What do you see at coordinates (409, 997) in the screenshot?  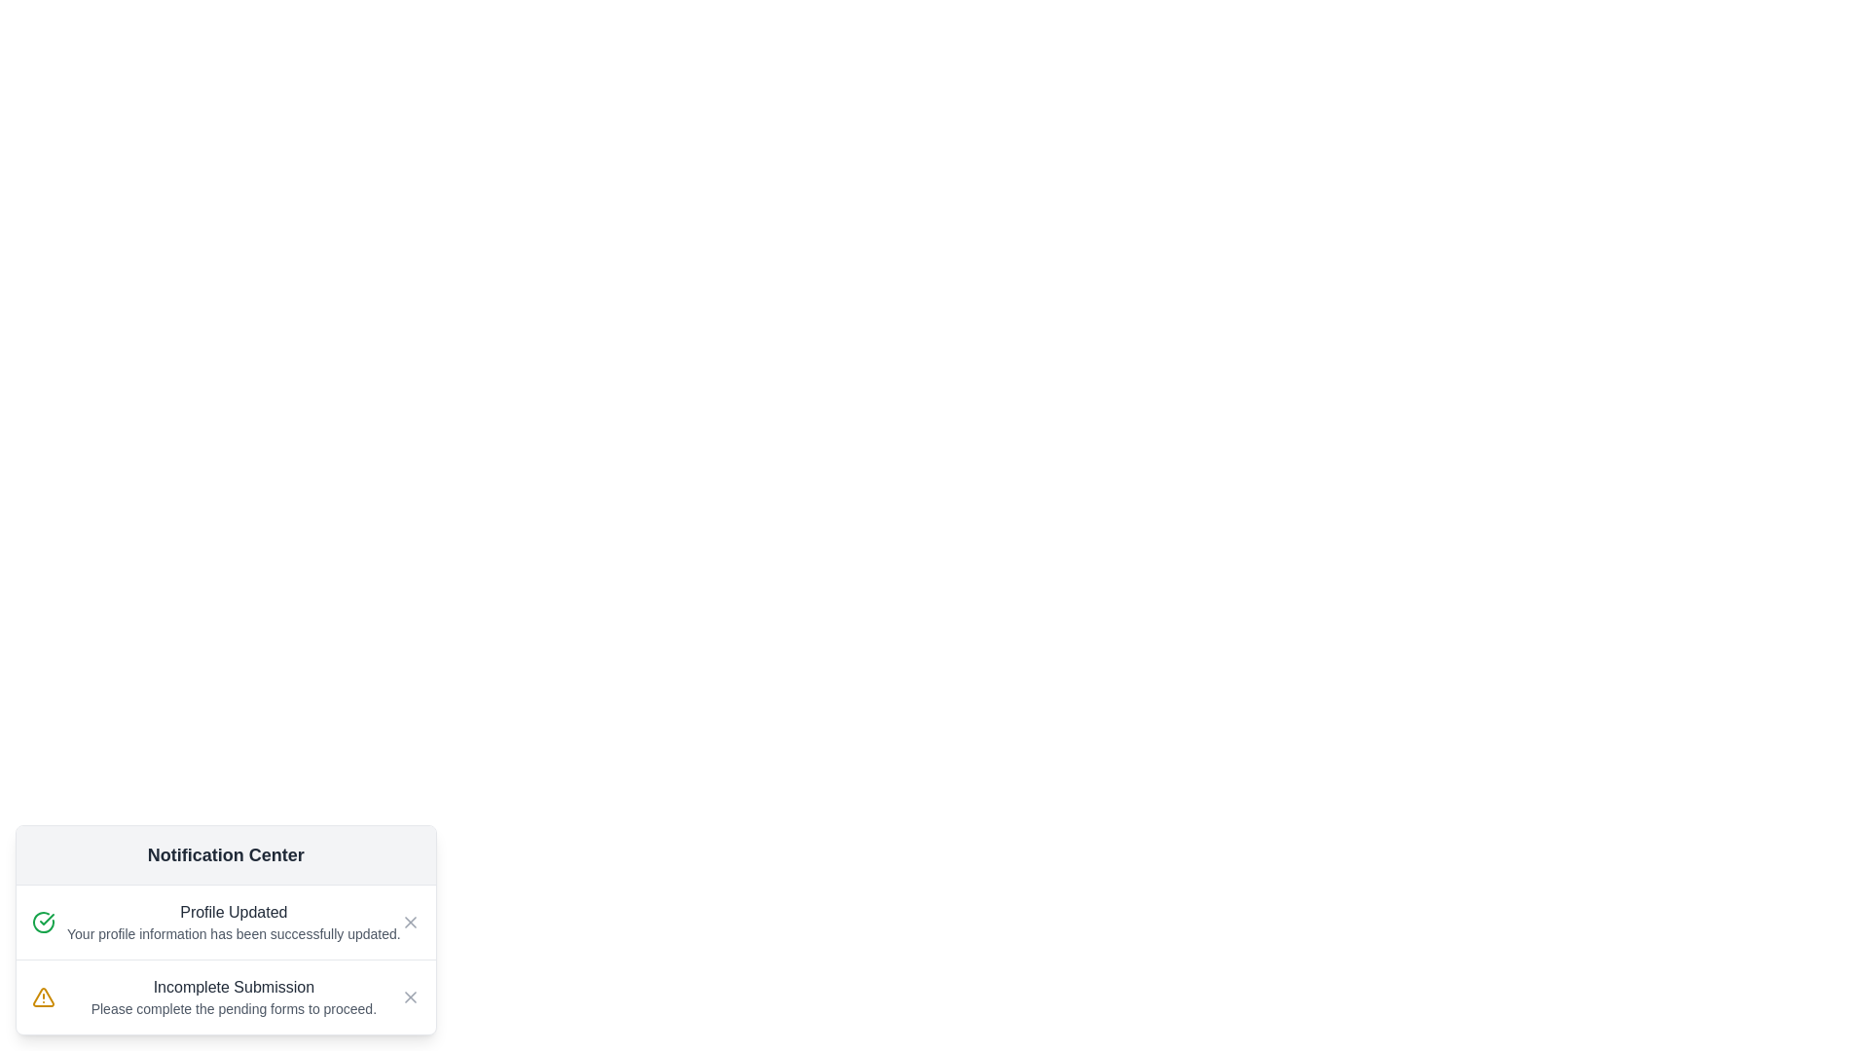 I see `the dismiss button located at the right end of the 'Incomplete Submission' notification to change its appearance` at bounding box center [409, 997].